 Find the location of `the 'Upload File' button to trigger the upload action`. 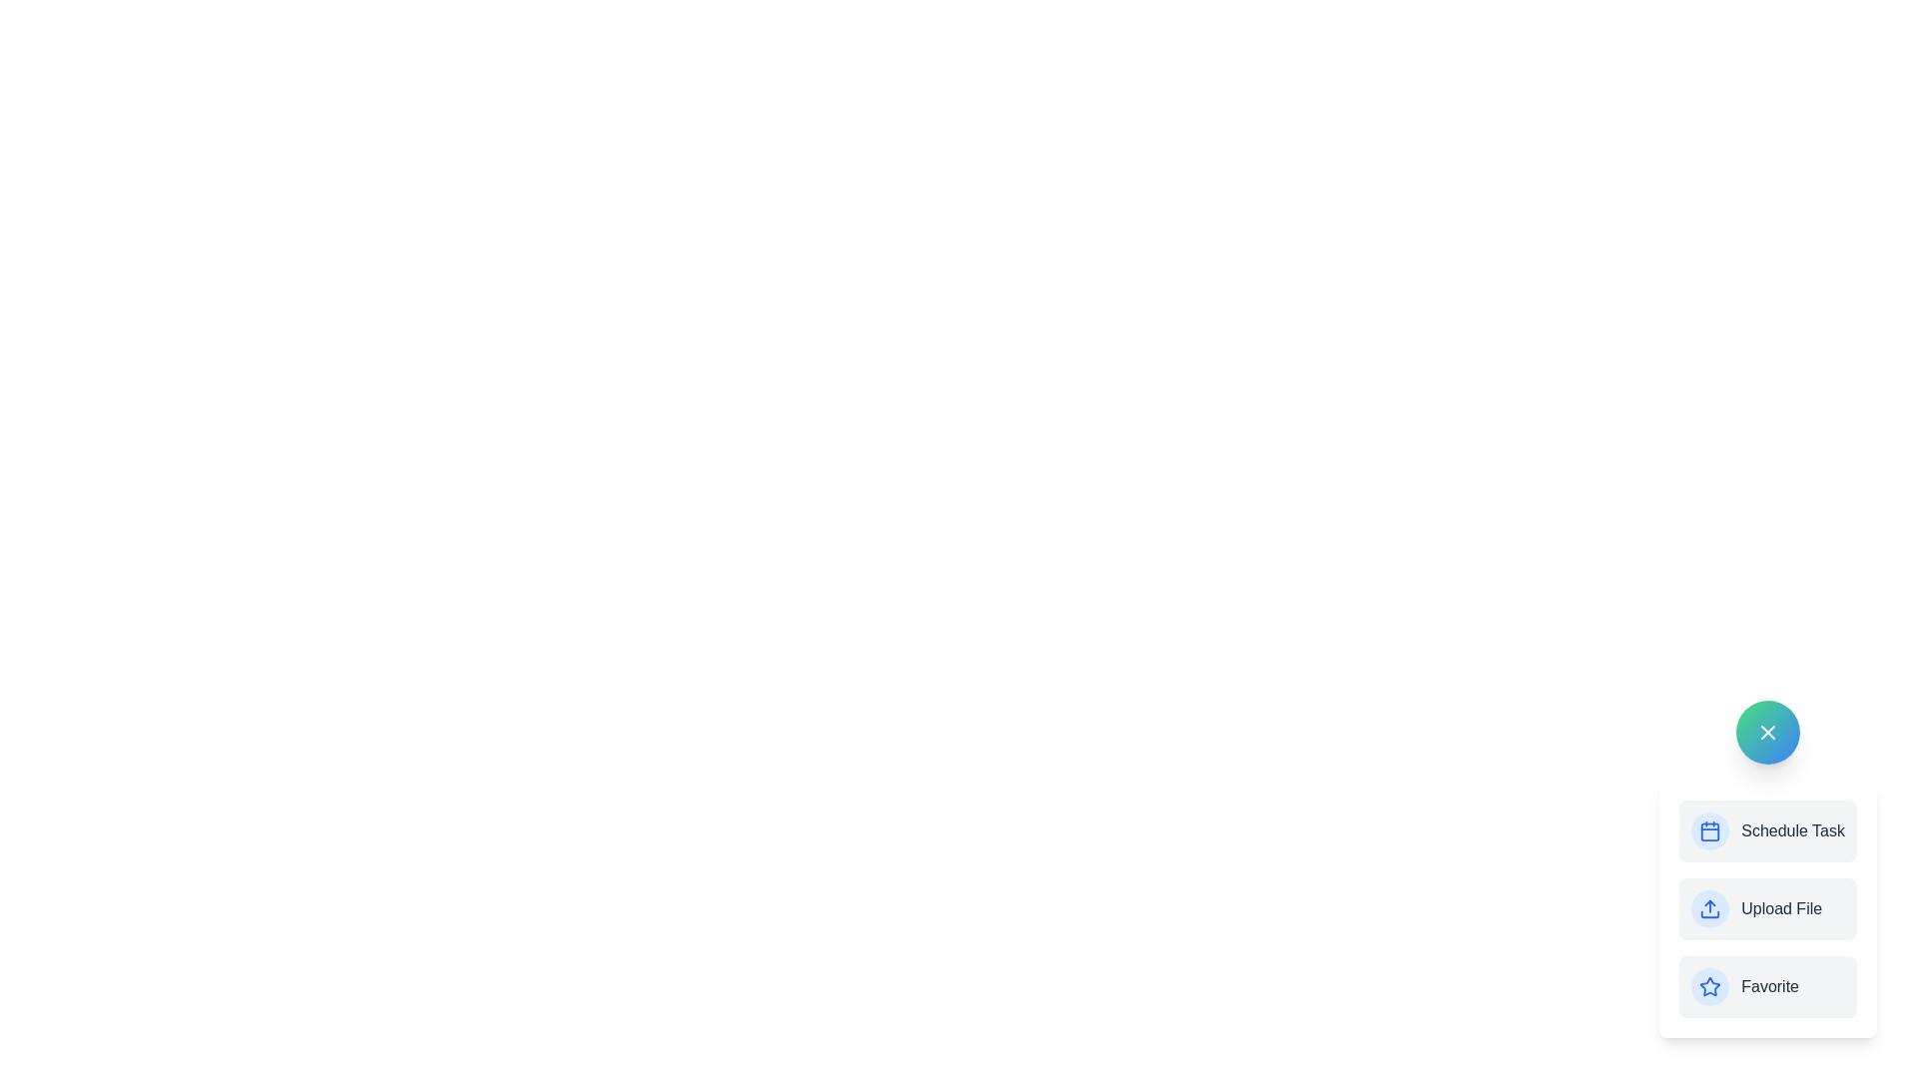

the 'Upload File' button to trigger the upload action is located at coordinates (1768, 908).